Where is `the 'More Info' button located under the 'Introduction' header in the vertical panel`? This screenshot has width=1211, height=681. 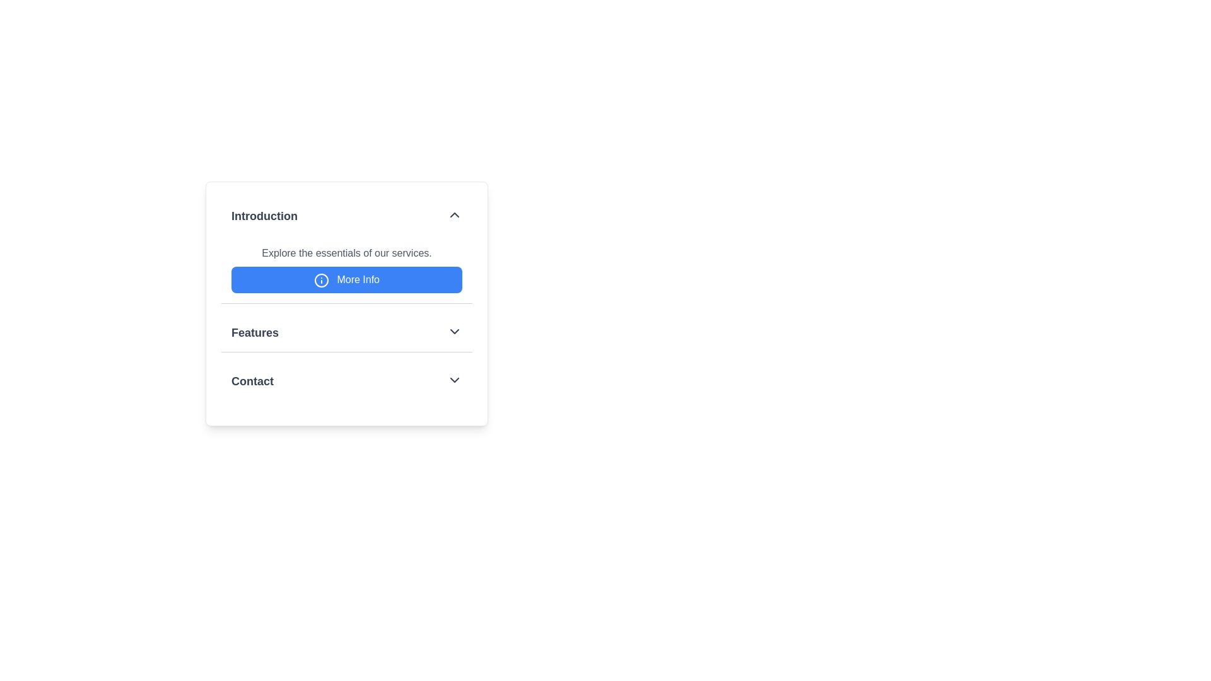
the 'More Info' button located under the 'Introduction' header in the vertical panel is located at coordinates (347, 269).